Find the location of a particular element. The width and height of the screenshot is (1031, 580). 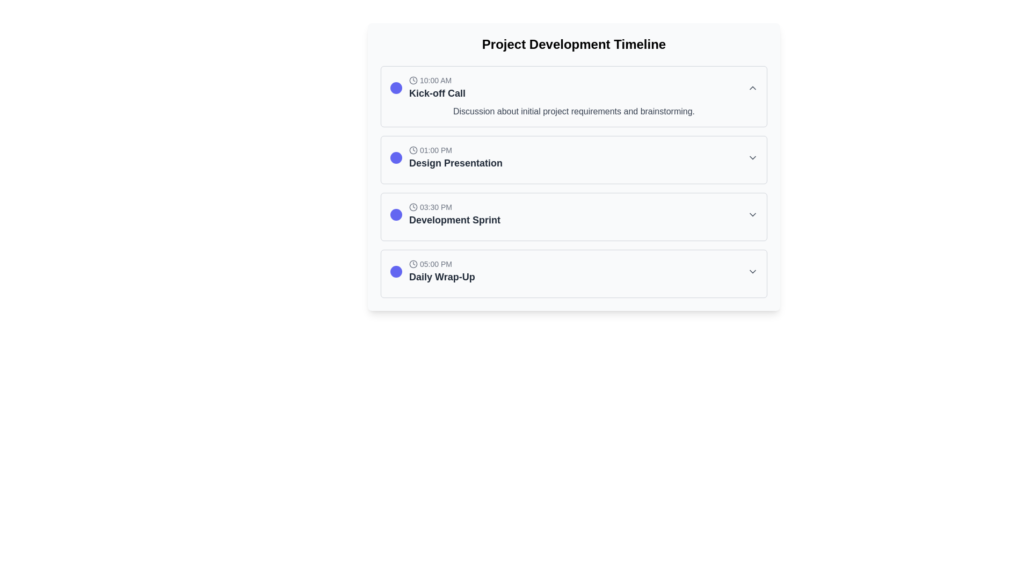

the clock icon located to the left of the '05:00 PM' text is located at coordinates (412, 264).